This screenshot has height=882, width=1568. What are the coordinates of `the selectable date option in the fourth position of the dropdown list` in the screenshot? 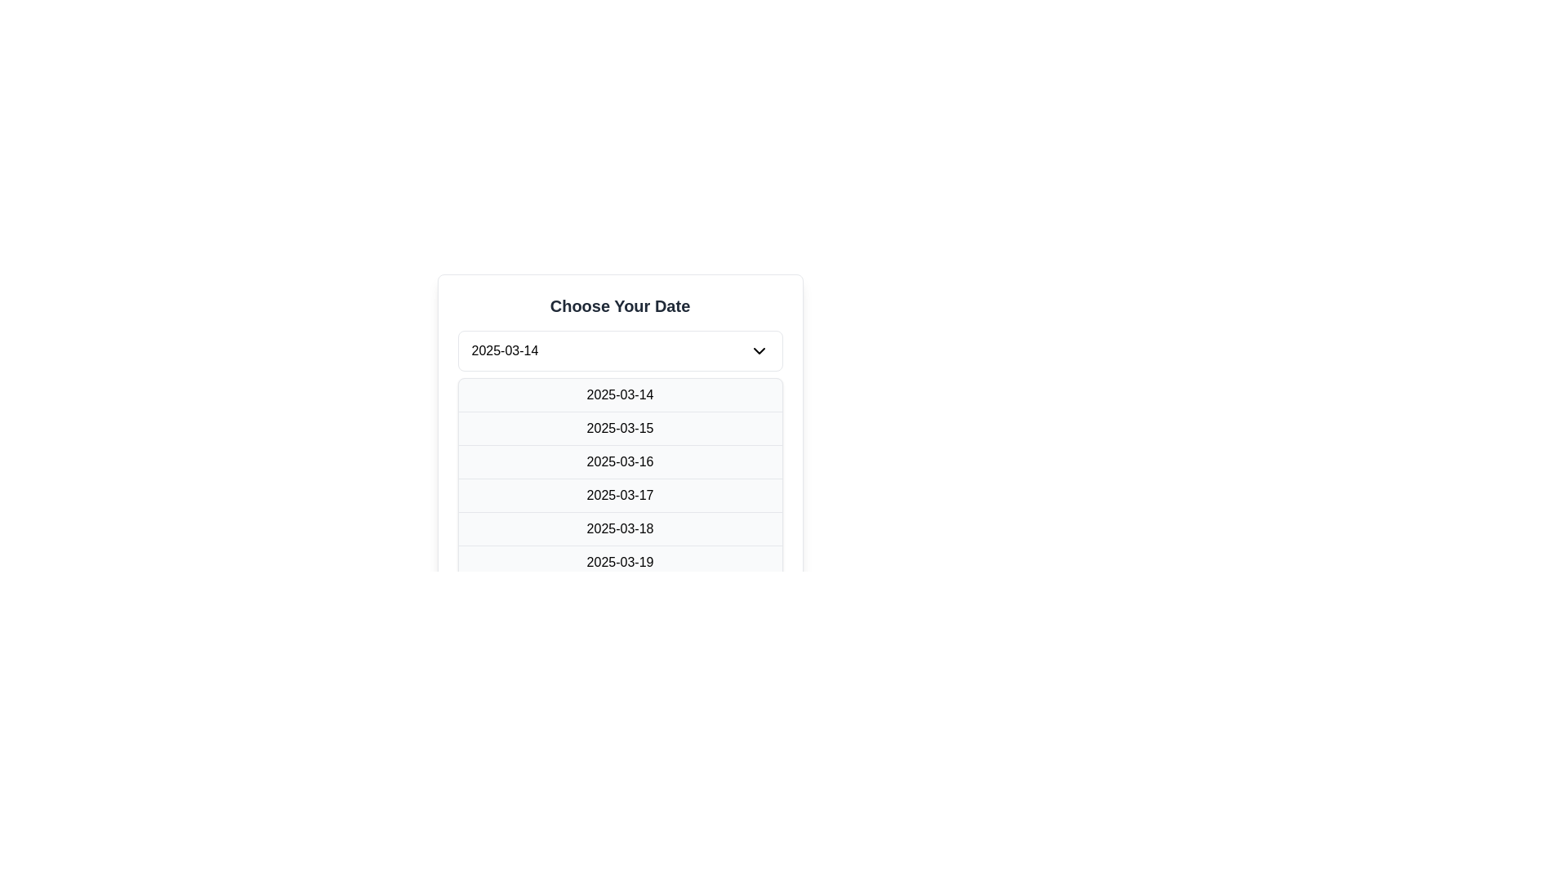 It's located at (619, 494).